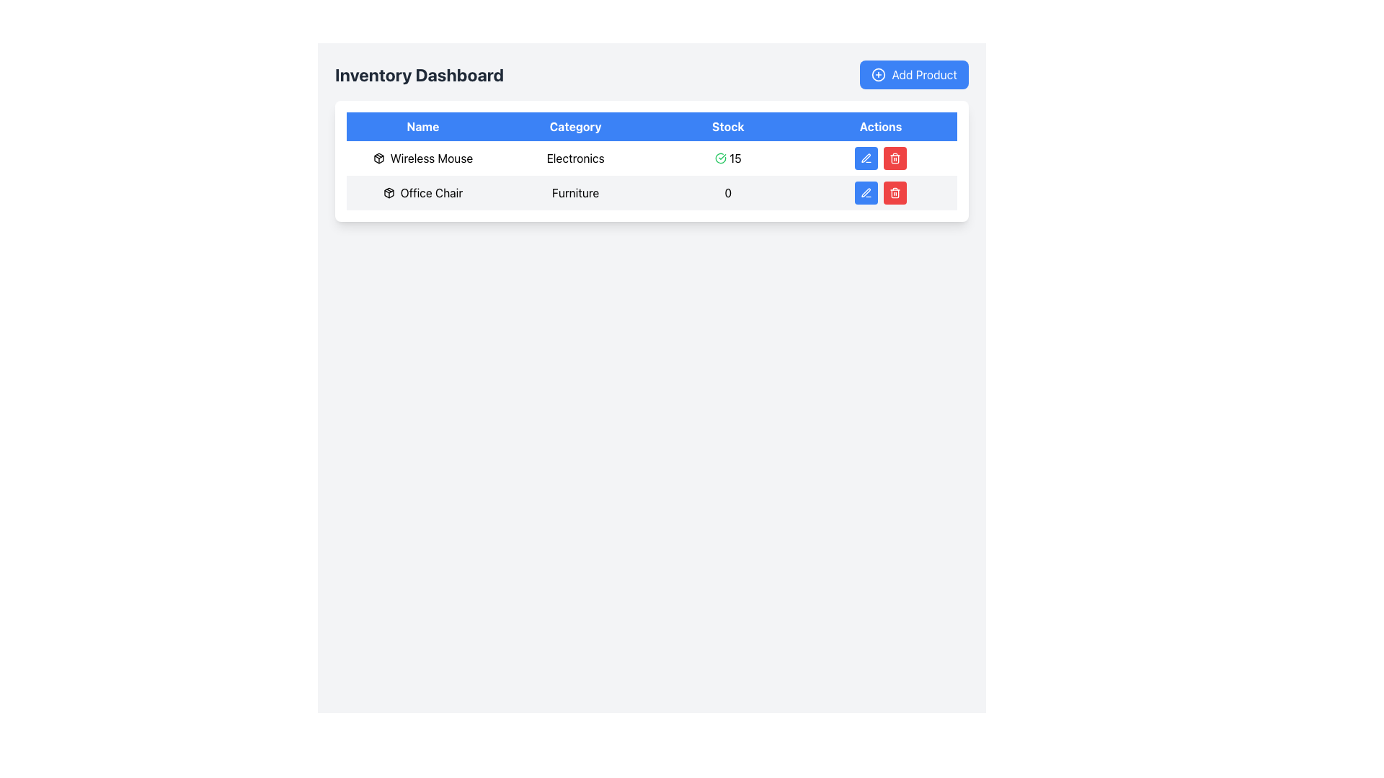  Describe the element at coordinates (878, 75) in the screenshot. I see `the 'Add Product' button by clicking on the circular icon located to the left of the text within the button component at the top-right corner of the interface` at that location.